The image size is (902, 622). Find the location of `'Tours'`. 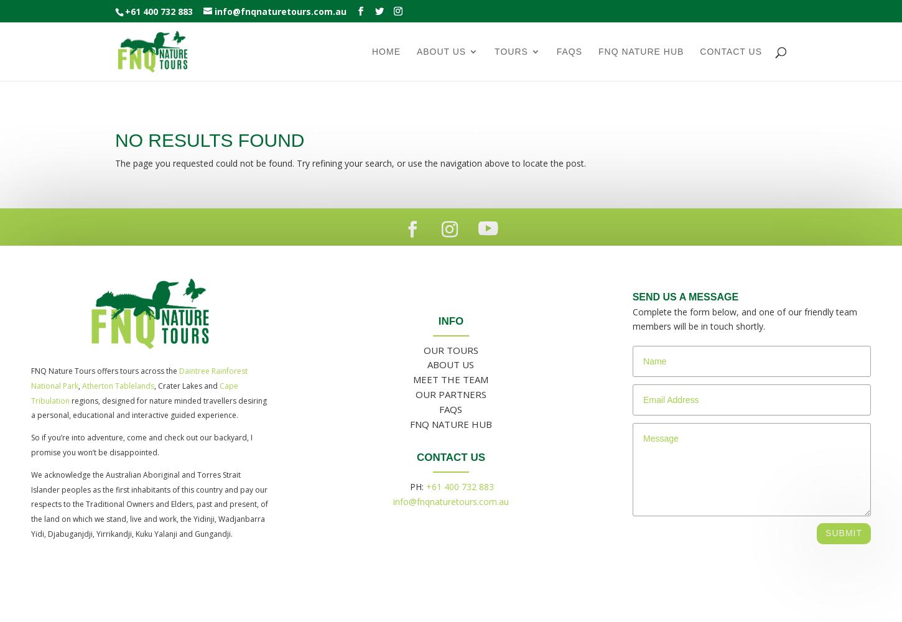

'Tours' is located at coordinates (511, 51).